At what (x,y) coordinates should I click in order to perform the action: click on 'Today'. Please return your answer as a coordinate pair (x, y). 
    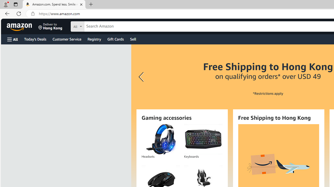
    Looking at the image, I should click on (35, 39).